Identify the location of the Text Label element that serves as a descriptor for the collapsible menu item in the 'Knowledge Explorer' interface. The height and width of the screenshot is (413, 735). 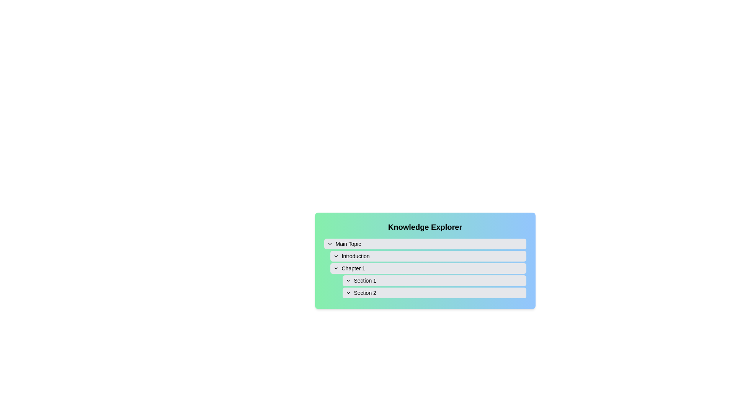
(348, 244).